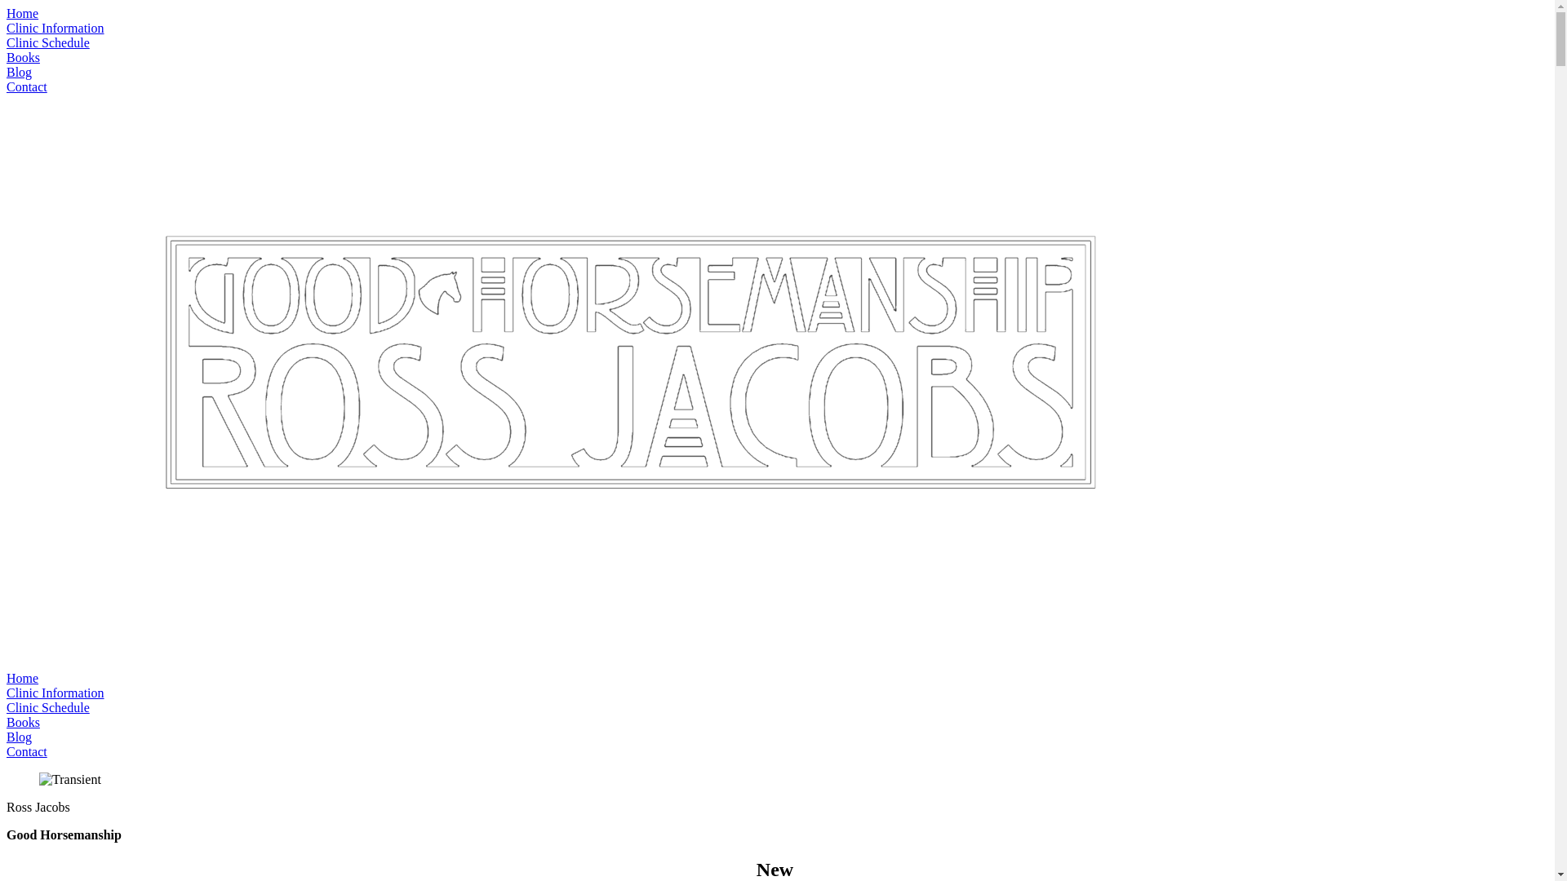 Image resolution: width=1567 pixels, height=881 pixels. What do you see at coordinates (27, 751) in the screenshot?
I see `'Contact'` at bounding box center [27, 751].